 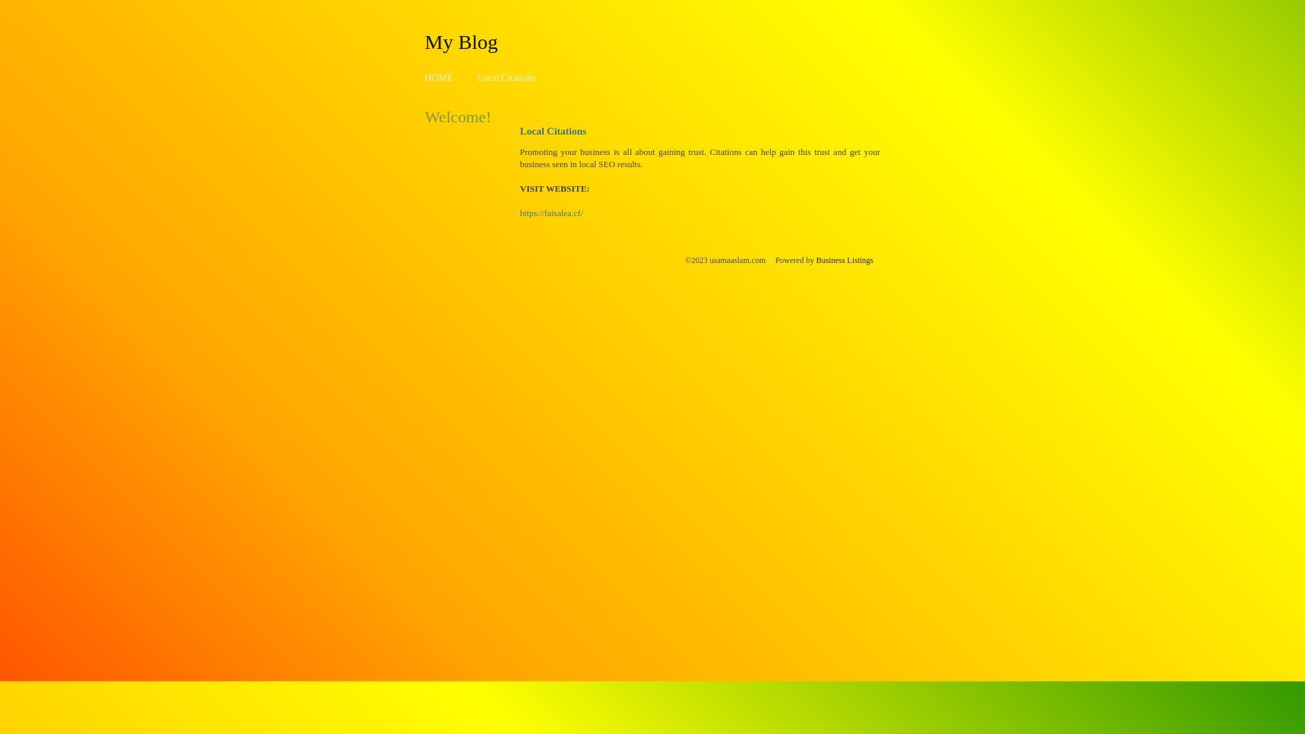 I want to click on 'HOME', so click(x=438, y=77).